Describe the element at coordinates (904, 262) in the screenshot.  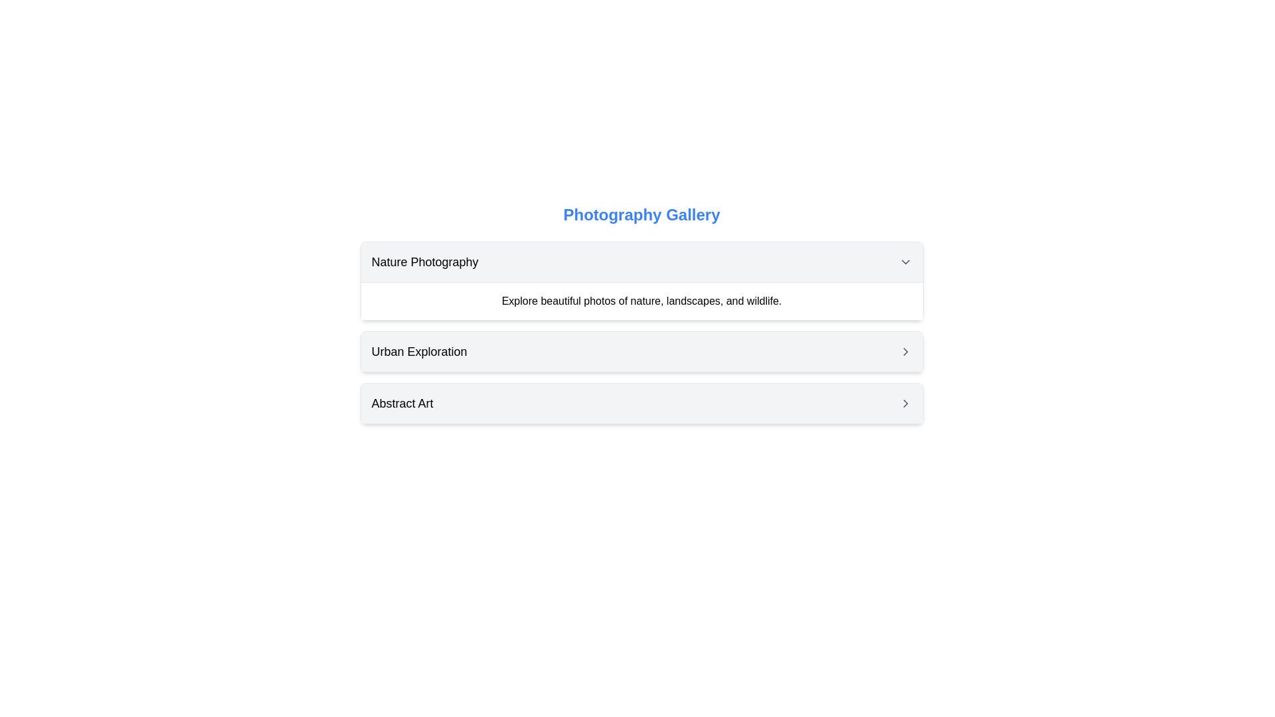
I see `the chevron icon at the far right end of the 'Nature Photography' entry in the 'Photography Gallery'` at that location.